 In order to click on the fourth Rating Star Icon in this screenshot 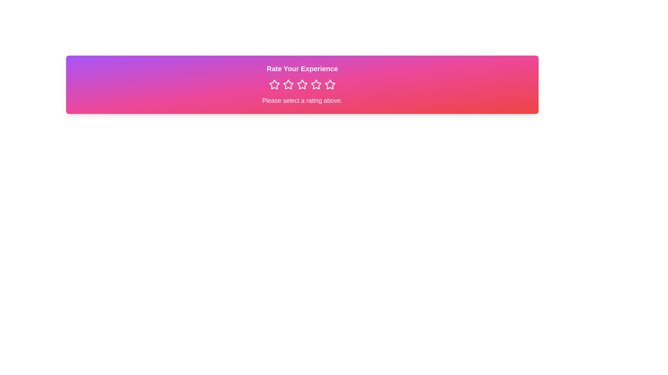, I will do `click(316, 84)`.